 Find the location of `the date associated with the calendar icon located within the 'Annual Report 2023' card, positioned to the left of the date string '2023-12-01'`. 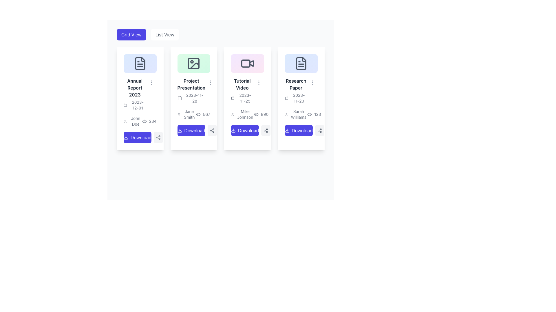

the date associated with the calendar icon located within the 'Annual Report 2023' card, positioned to the left of the date string '2023-12-01' is located at coordinates (125, 105).